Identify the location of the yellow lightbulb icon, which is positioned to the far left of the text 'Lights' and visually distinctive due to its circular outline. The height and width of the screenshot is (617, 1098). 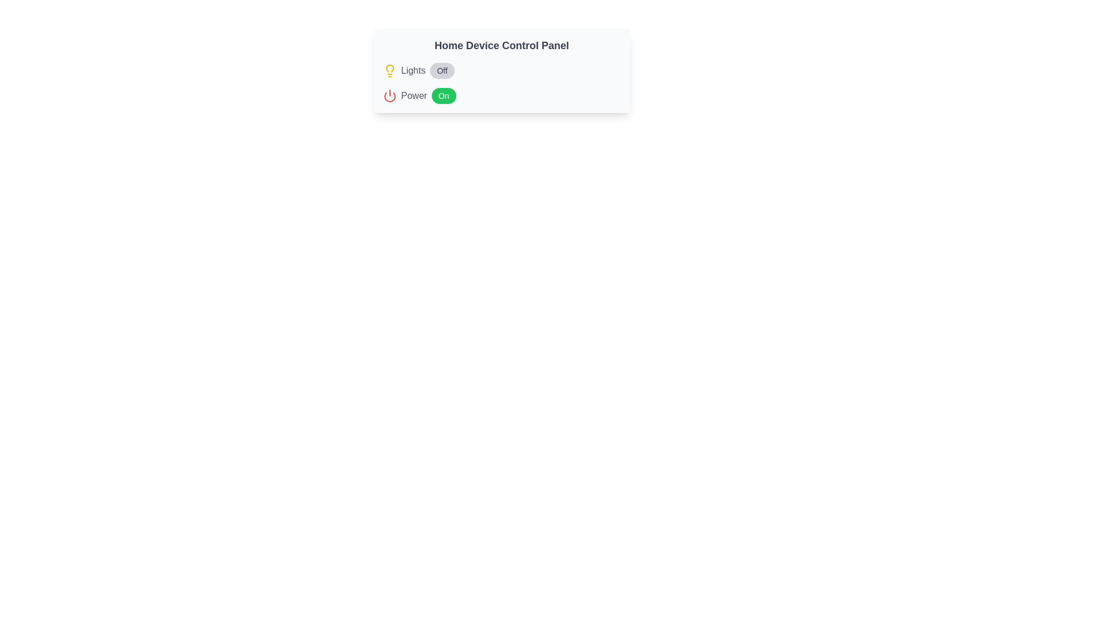
(389, 70).